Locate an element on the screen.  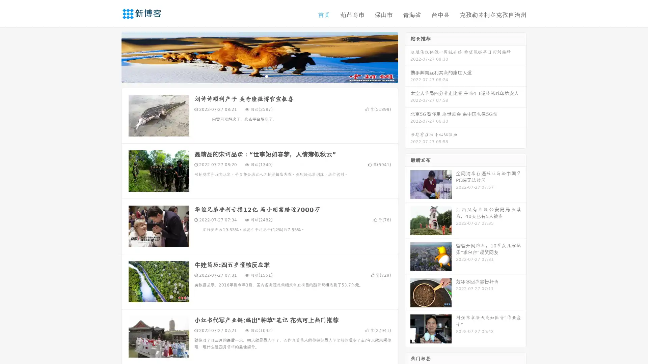
Go to slide 1 is located at coordinates (252, 76).